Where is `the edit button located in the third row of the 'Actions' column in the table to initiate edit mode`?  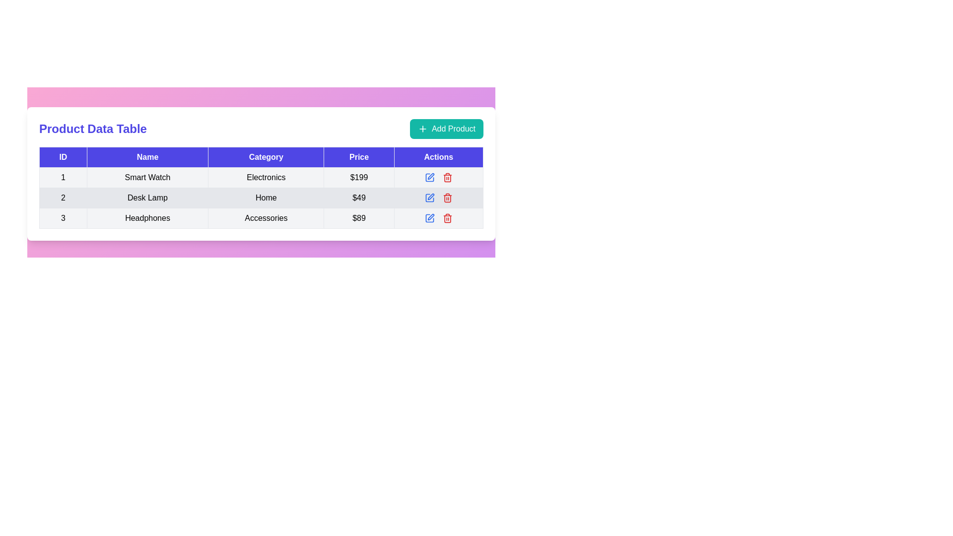
the edit button located in the third row of the 'Actions' column in the table to initiate edit mode is located at coordinates (431, 176).